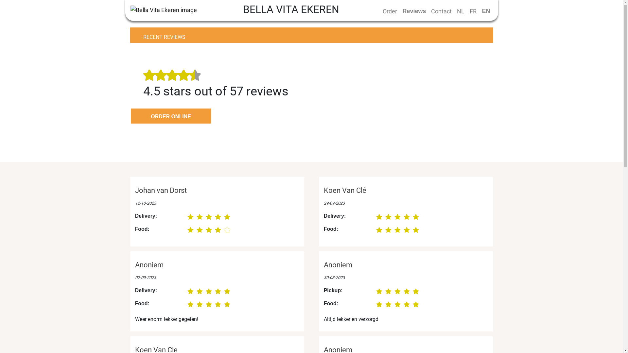 The height and width of the screenshot is (353, 628). Describe the element at coordinates (414, 11) in the screenshot. I see `'Reviews'` at that location.